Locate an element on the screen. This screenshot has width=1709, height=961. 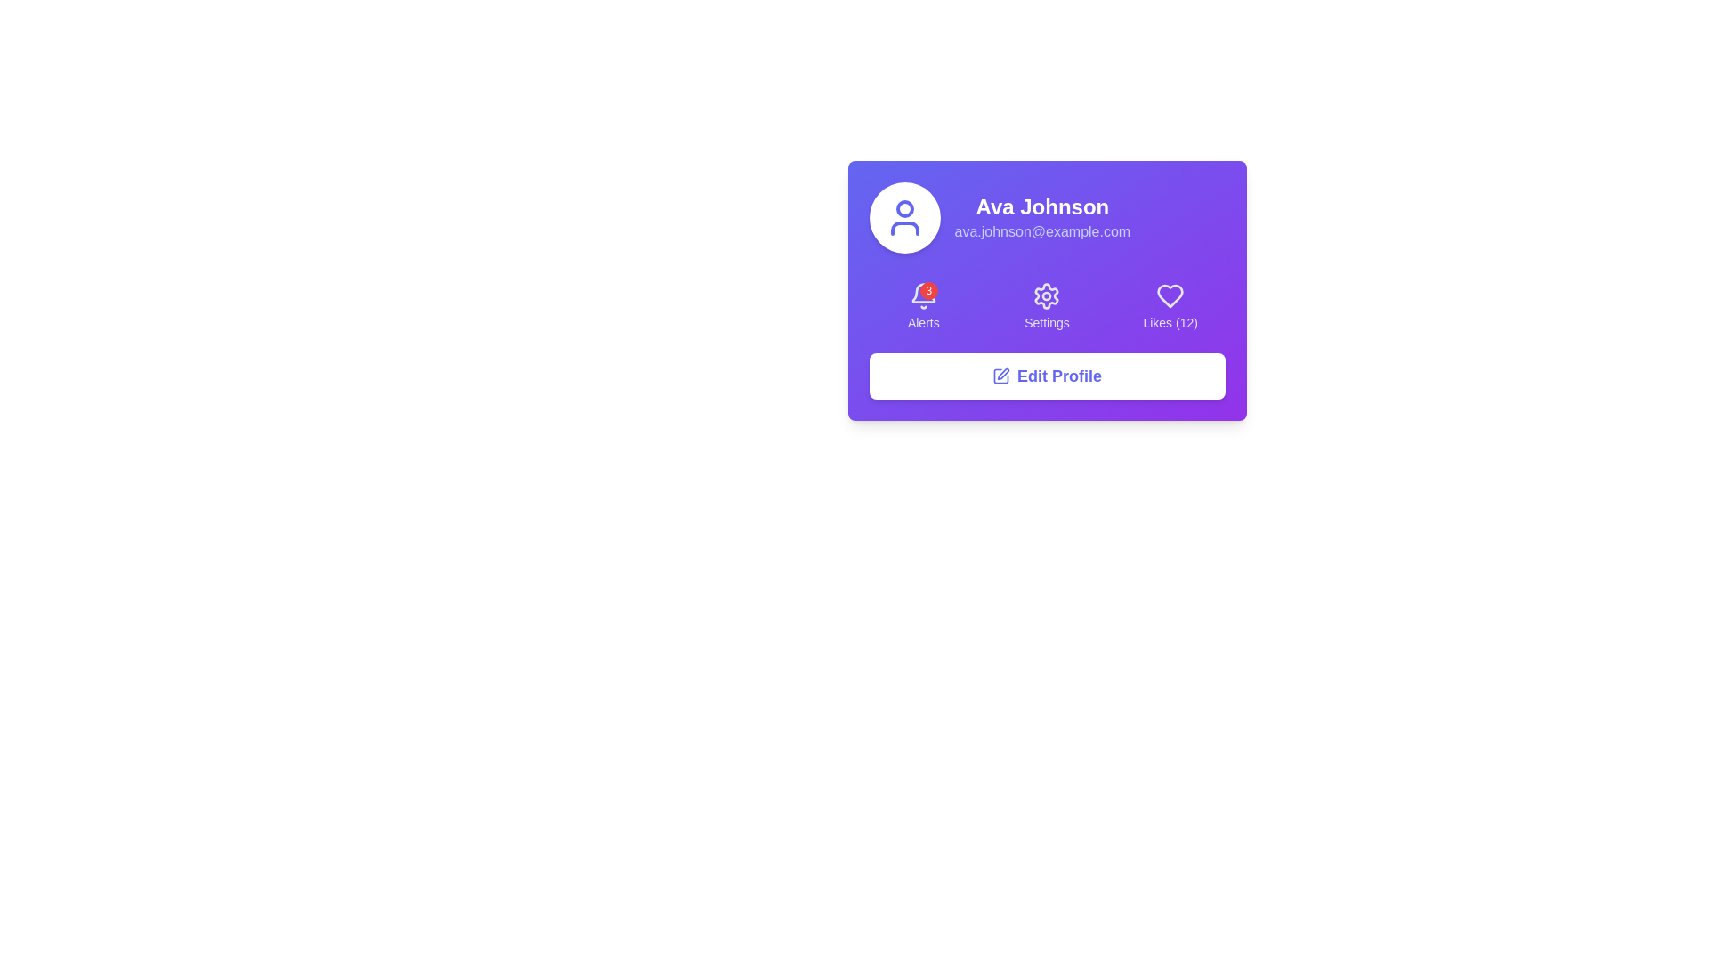
the Icon Frame graphical component that outlines the icon representation in the lower-right corner of the settings panel within the edit profile interface is located at coordinates (1000, 376).